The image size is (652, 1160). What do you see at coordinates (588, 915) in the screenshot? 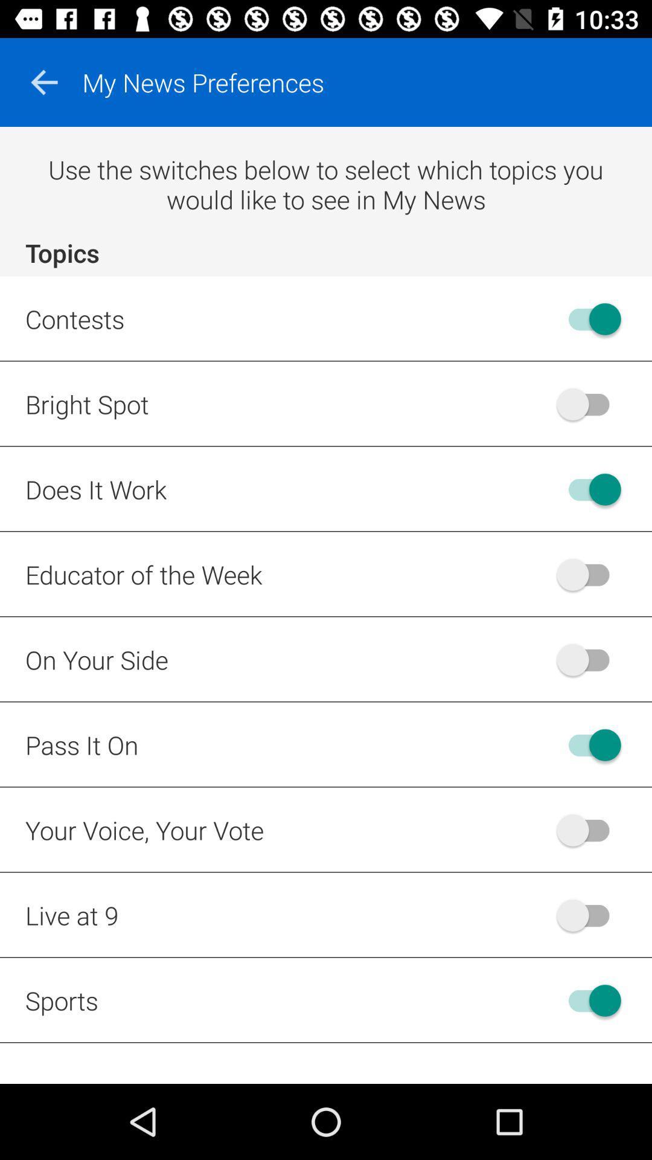
I see `a topic on/off` at bounding box center [588, 915].